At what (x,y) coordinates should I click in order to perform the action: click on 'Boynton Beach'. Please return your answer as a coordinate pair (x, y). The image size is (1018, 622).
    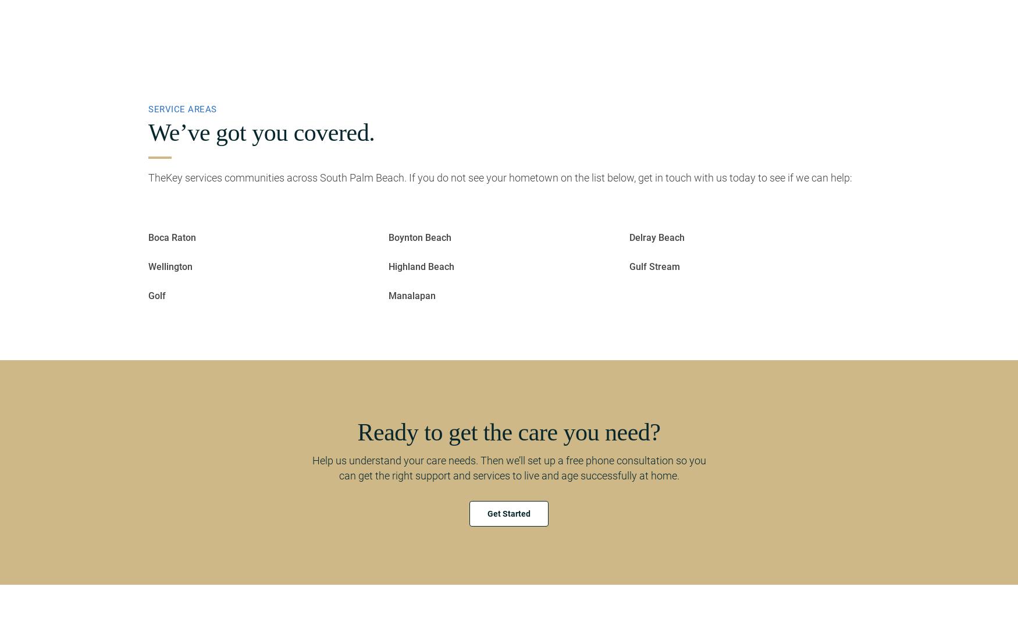
    Looking at the image, I should click on (420, 237).